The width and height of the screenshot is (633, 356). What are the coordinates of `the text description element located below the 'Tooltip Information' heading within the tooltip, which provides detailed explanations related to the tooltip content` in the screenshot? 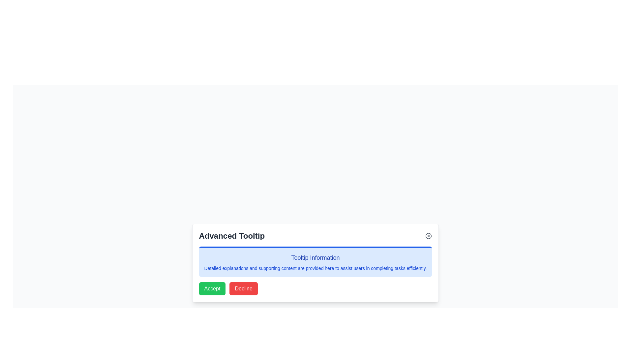 It's located at (315, 268).